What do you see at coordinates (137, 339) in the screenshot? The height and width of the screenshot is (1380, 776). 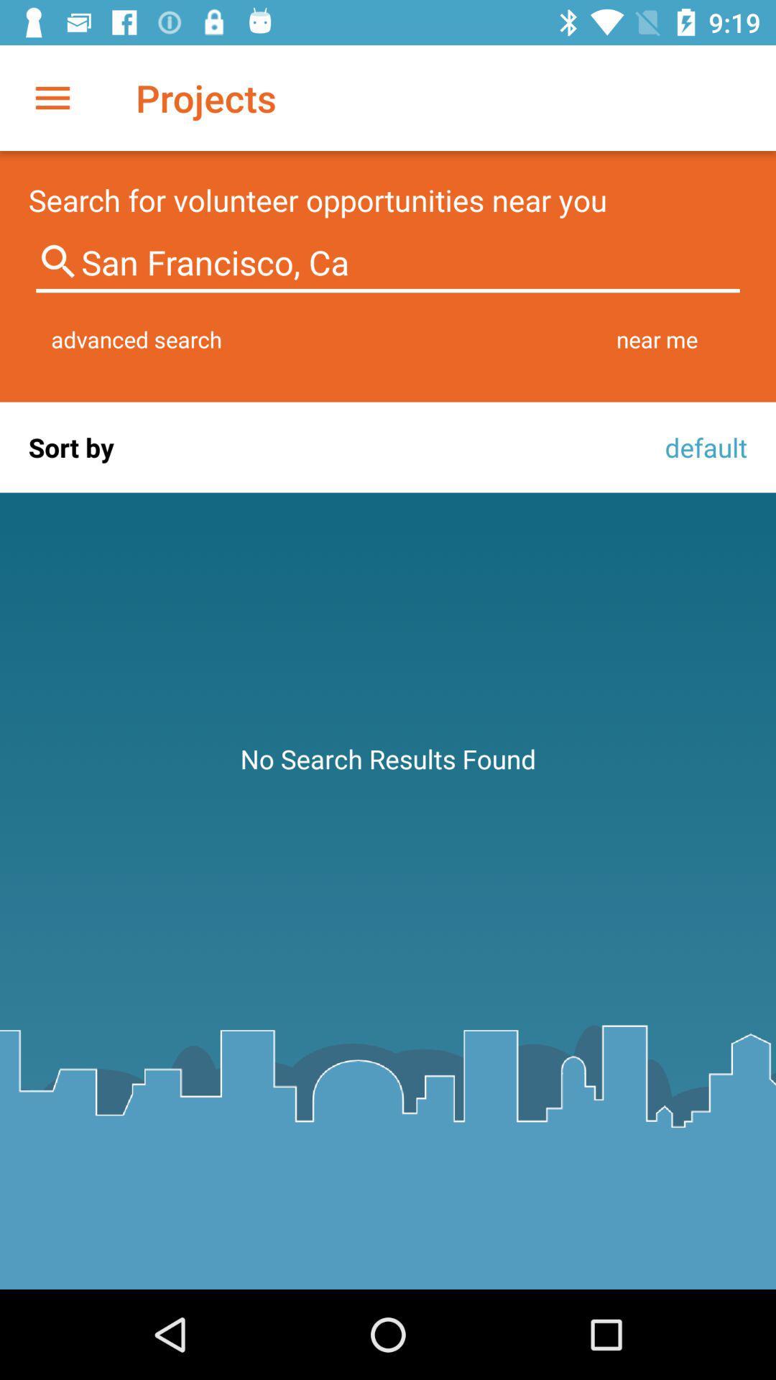 I see `the item next to the near me item` at bounding box center [137, 339].